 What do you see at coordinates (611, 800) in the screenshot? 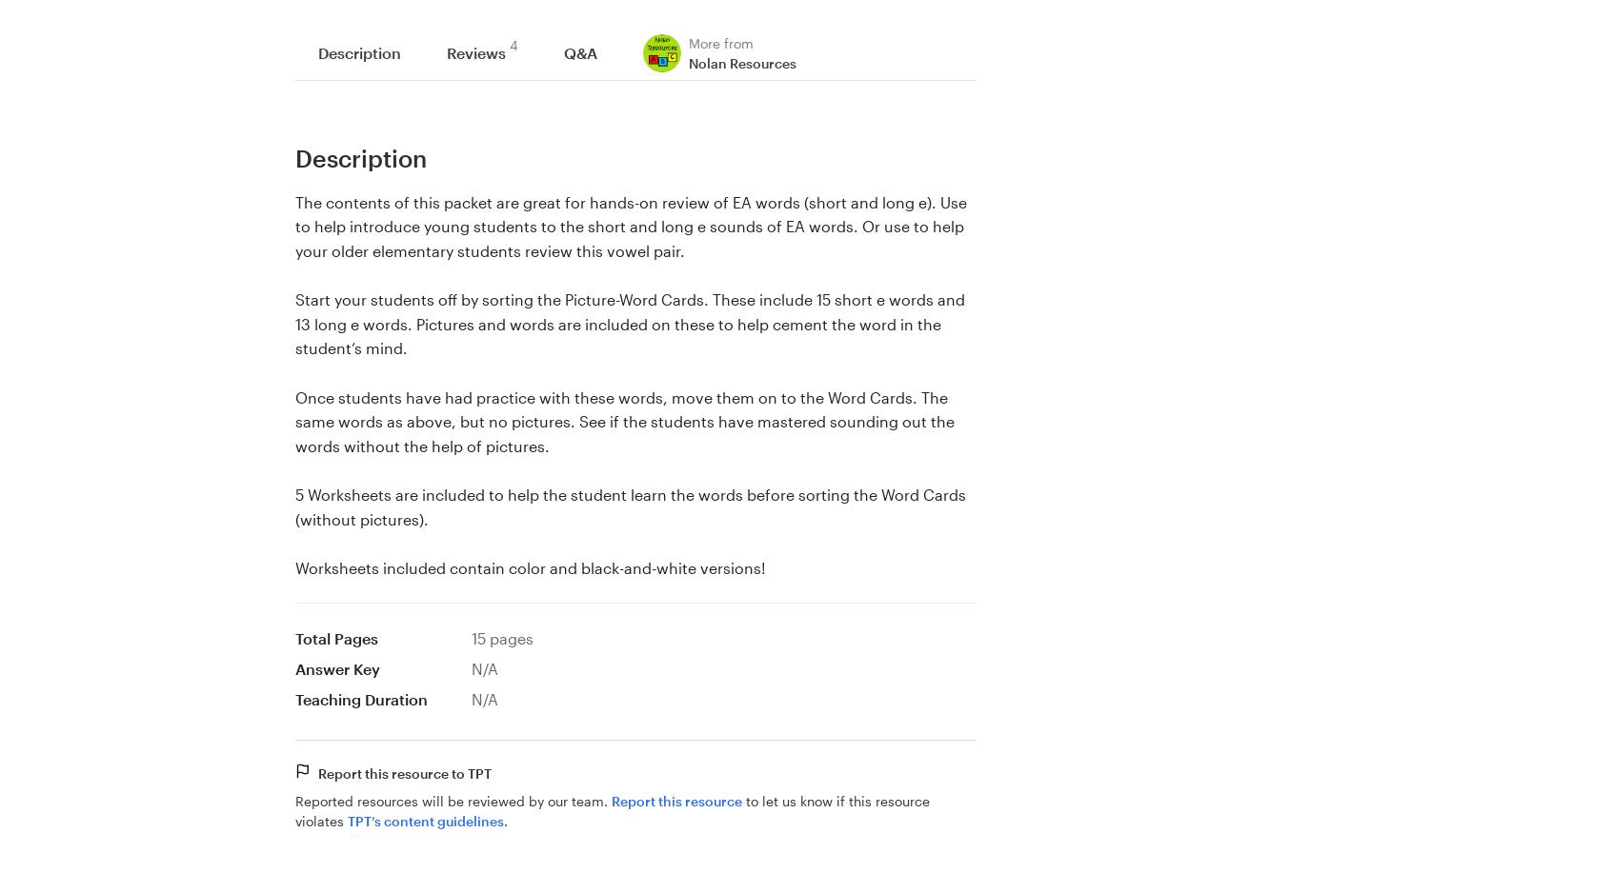
I see `'Report this resource'` at bounding box center [611, 800].